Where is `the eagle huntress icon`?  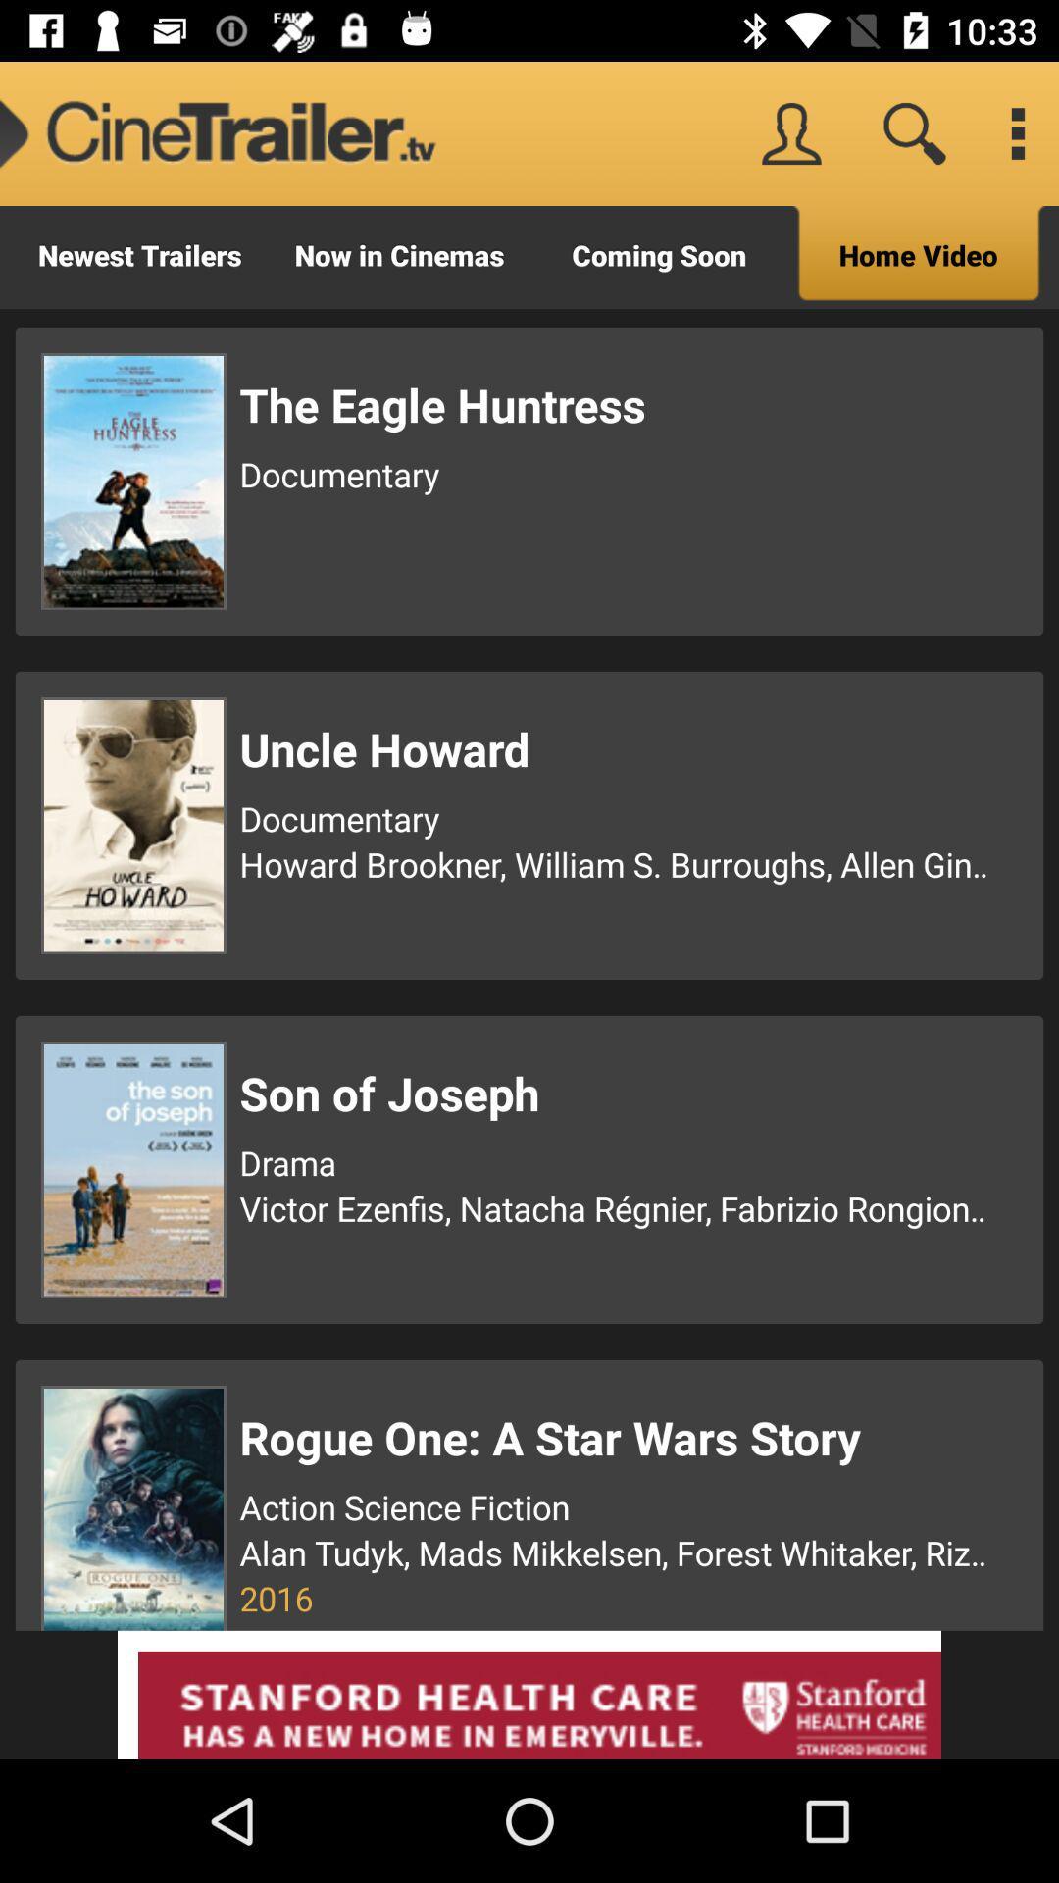 the eagle huntress icon is located at coordinates (616, 403).